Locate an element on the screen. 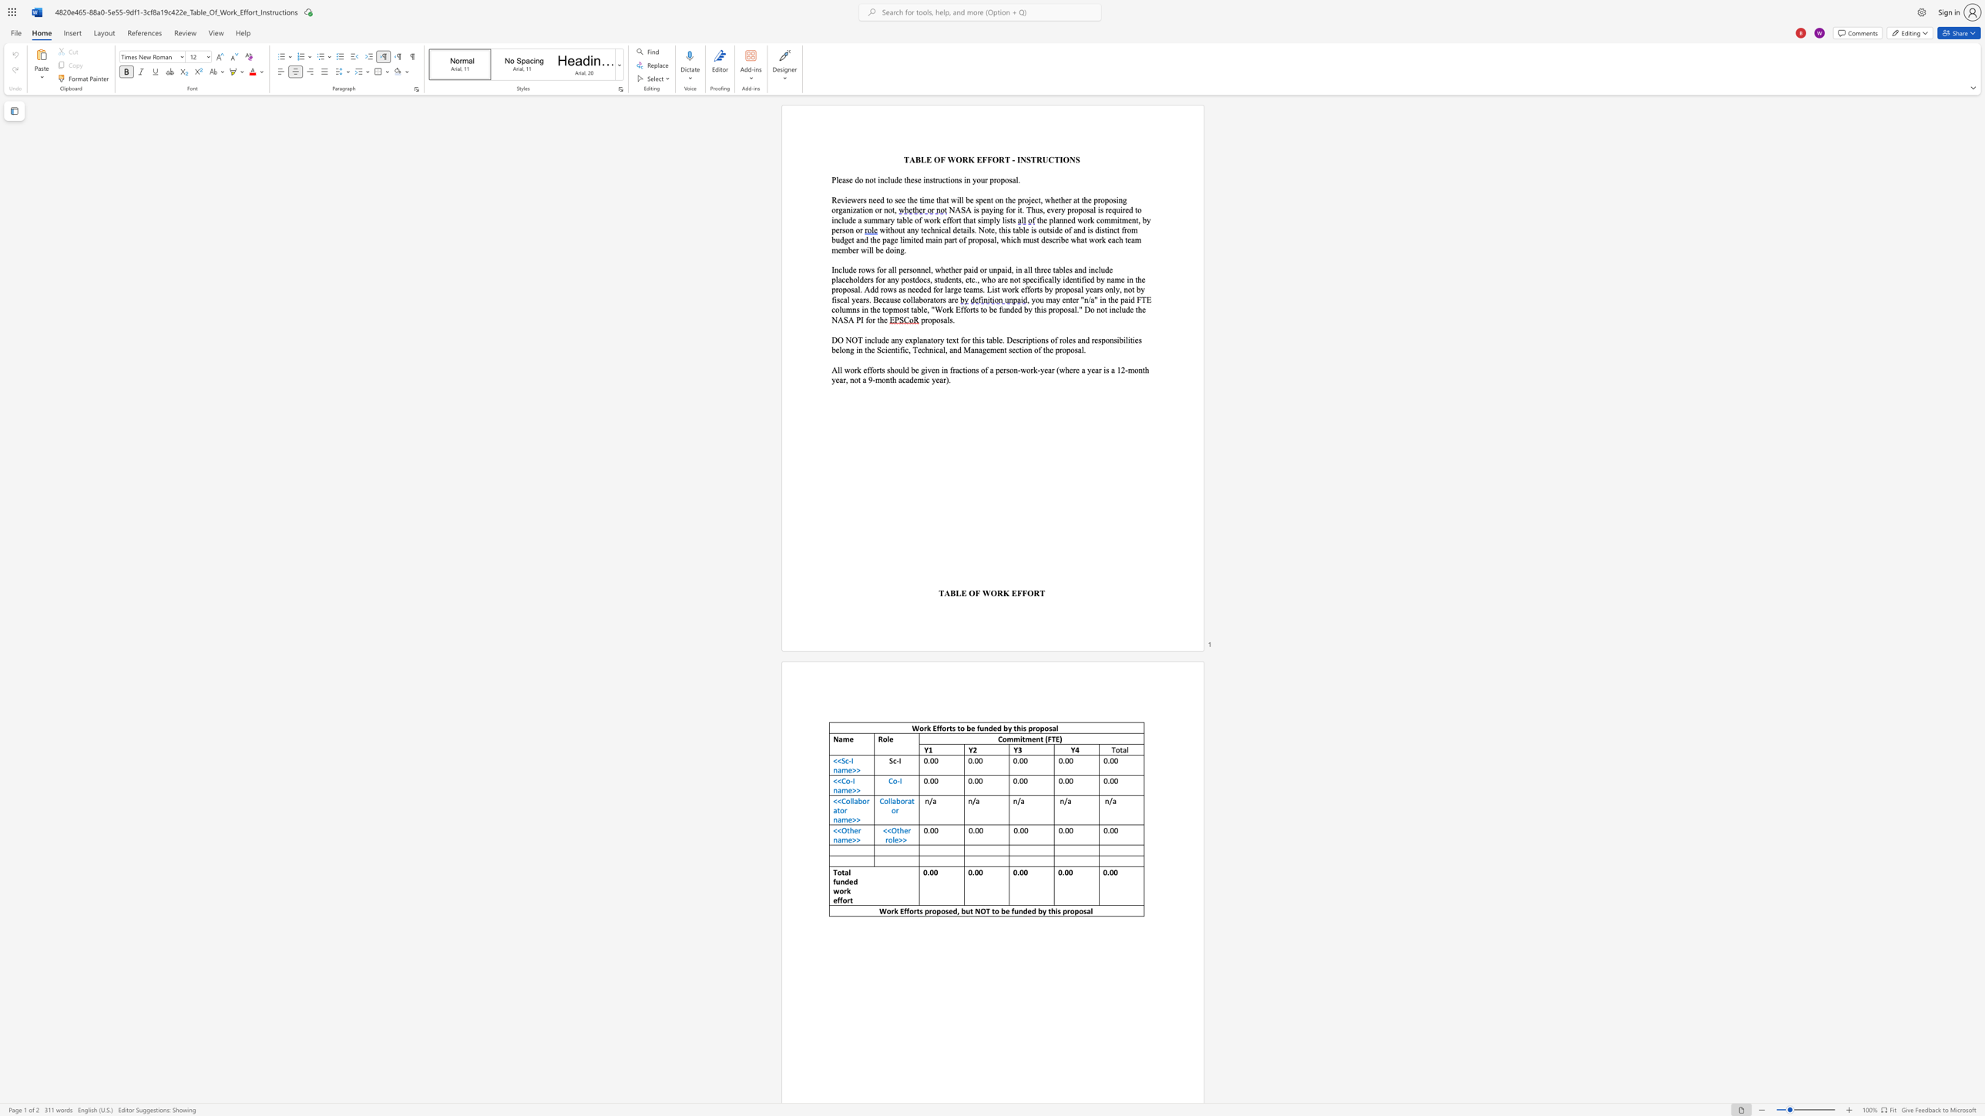 This screenshot has width=1985, height=1116. the subset text "ato" within the text "Collaborator" is located at coordinates (907, 800).